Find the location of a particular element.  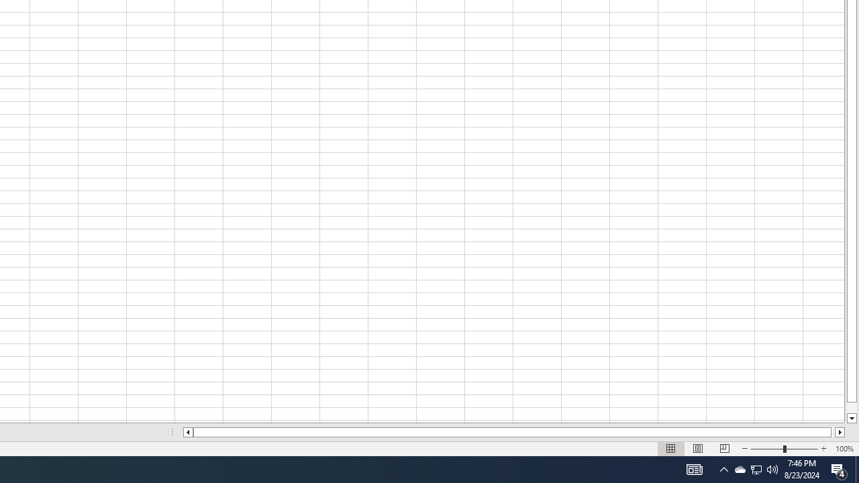

'Page right' is located at coordinates (832, 432).